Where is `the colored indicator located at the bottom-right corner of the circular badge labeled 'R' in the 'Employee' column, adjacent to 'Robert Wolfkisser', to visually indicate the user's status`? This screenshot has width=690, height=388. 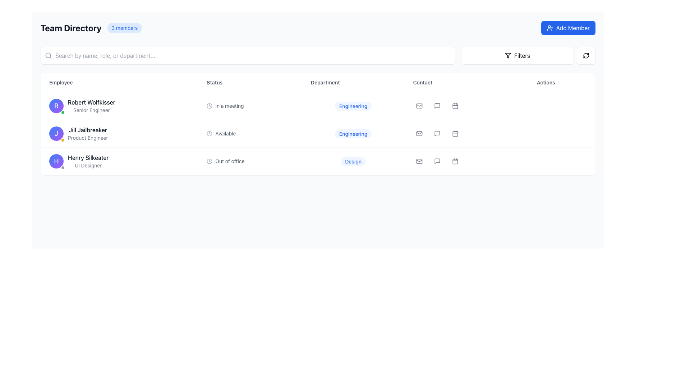 the colored indicator located at the bottom-right corner of the circular badge labeled 'R' in the 'Employee' column, adjacent to 'Robert Wolfkisser', to visually indicate the user's status is located at coordinates (63, 112).